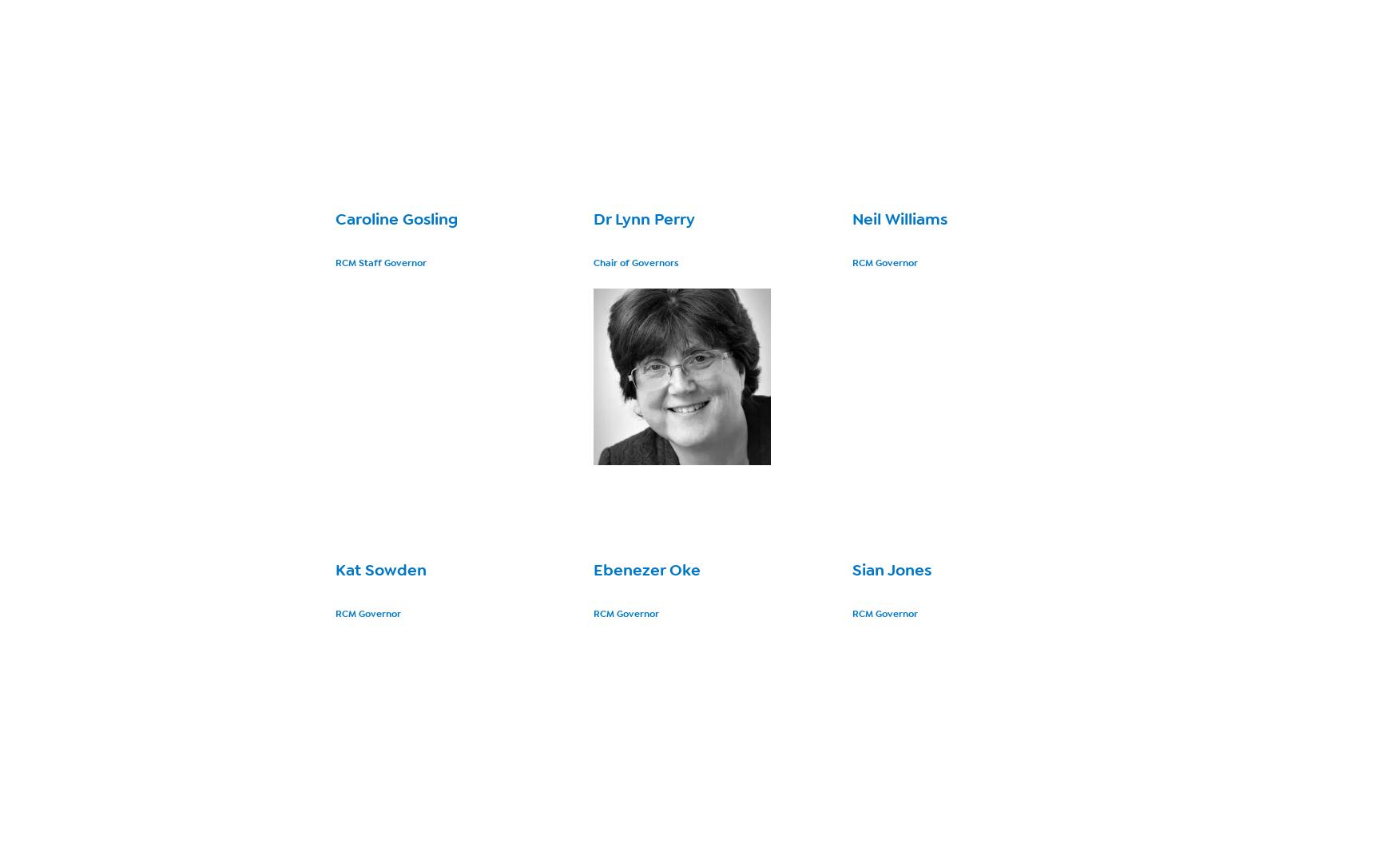  What do you see at coordinates (635, 263) in the screenshot?
I see `'Chair of Governors'` at bounding box center [635, 263].